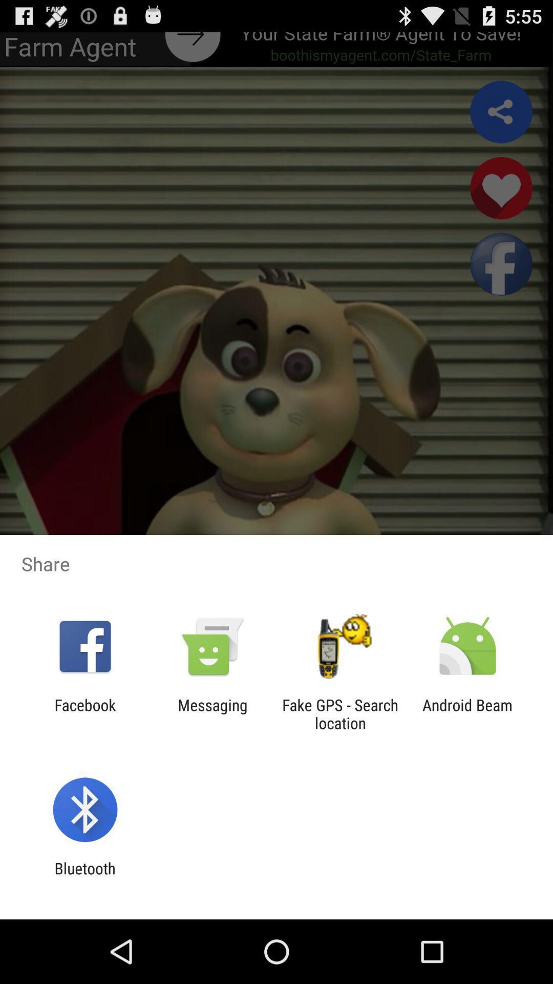 This screenshot has width=553, height=984. I want to click on item to the right of fake gps search, so click(467, 713).